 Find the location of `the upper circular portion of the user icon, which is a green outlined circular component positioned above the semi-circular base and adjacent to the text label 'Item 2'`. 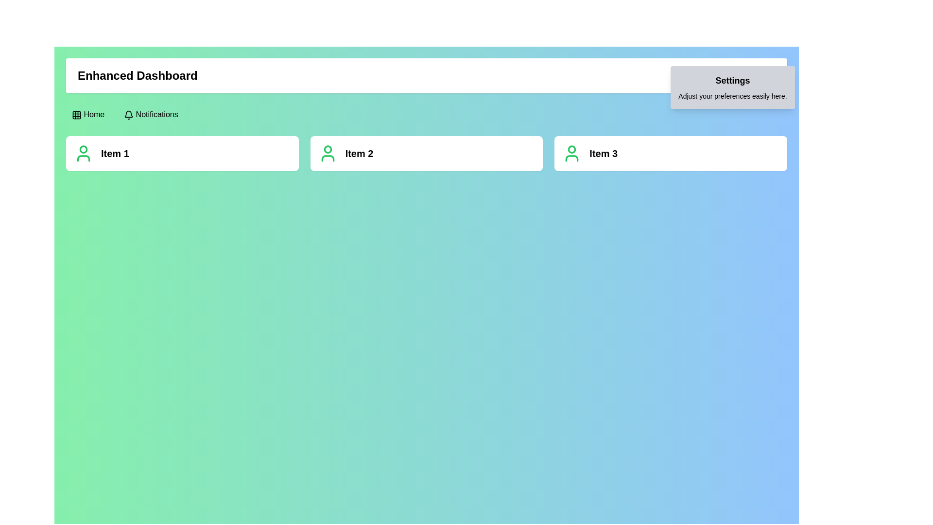

the upper circular portion of the user icon, which is a green outlined circular component positioned above the semi-circular base and adjacent to the text label 'Item 2' is located at coordinates (84, 149).